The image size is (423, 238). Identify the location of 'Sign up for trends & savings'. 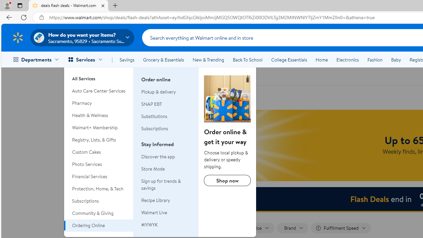
(166, 185).